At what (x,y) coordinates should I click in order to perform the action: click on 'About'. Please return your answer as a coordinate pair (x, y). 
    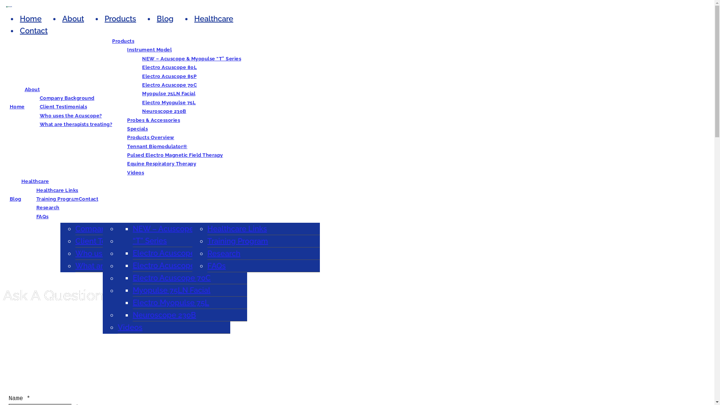
    Looking at the image, I should click on (73, 18).